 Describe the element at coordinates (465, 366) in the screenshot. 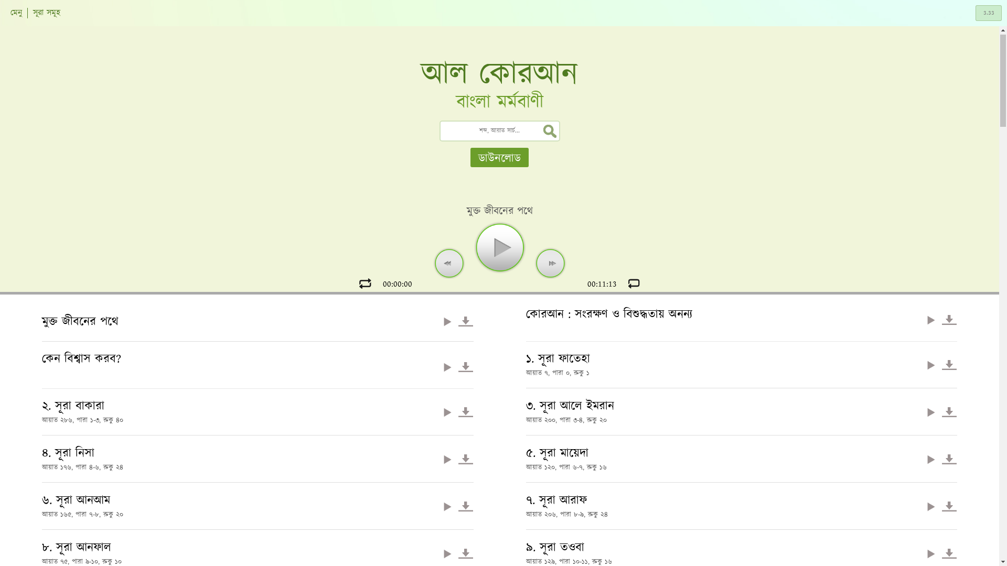

I see `'Download'` at that location.